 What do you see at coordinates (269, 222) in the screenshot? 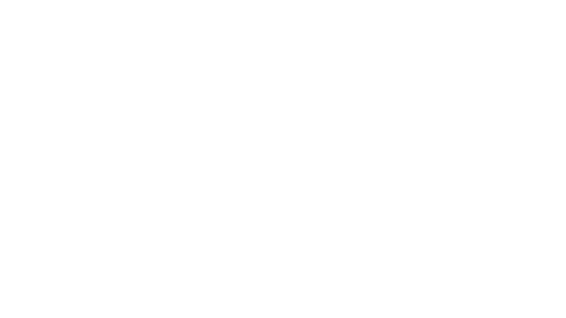
I see `Add to Favorite tracks` at bounding box center [269, 222].